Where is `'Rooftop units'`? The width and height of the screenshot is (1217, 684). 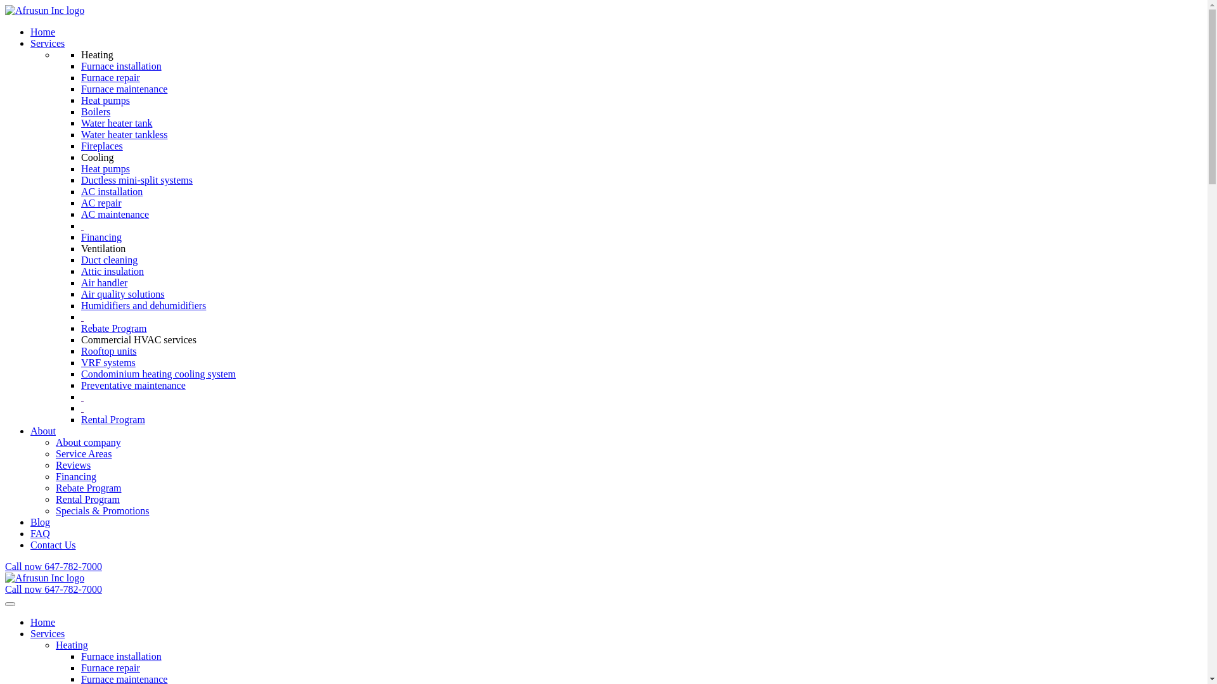 'Rooftop units' is located at coordinates (109, 351).